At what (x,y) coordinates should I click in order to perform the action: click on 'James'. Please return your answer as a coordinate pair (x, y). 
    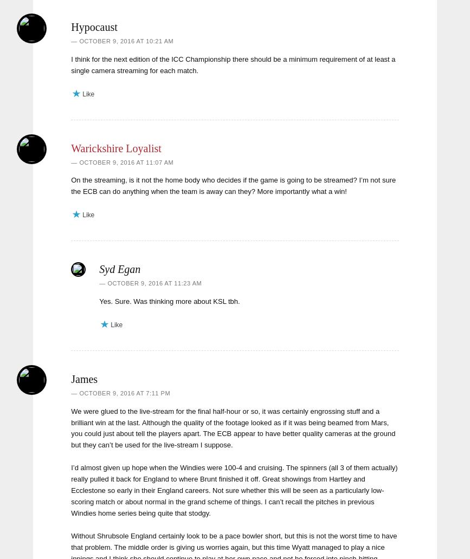
    Looking at the image, I should click on (84, 378).